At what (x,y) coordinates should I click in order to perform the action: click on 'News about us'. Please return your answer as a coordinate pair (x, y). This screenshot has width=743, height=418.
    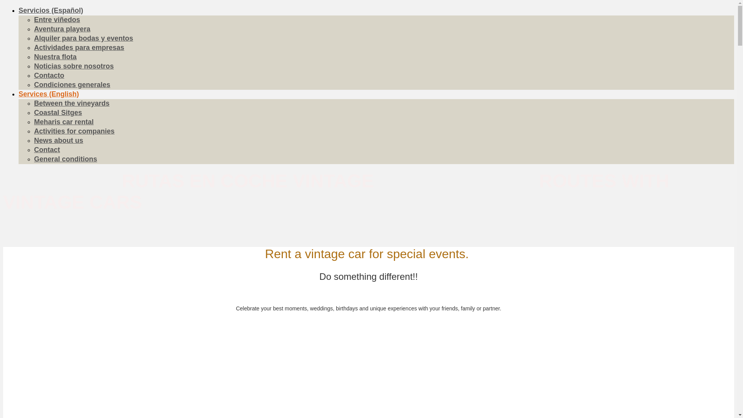
    Looking at the image, I should click on (58, 140).